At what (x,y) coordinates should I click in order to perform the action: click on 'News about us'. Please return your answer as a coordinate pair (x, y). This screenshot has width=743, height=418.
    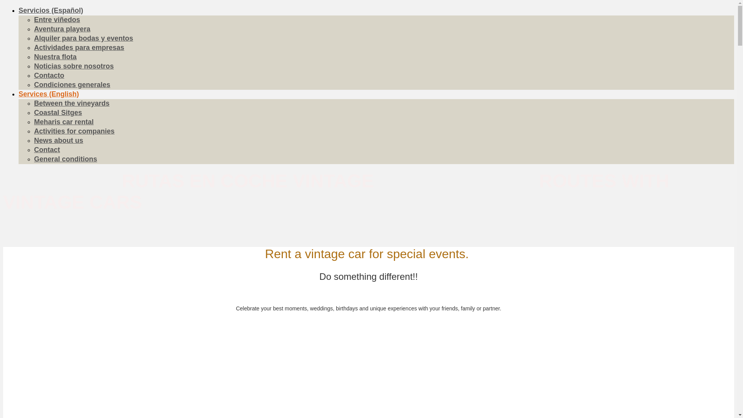
    Looking at the image, I should click on (58, 140).